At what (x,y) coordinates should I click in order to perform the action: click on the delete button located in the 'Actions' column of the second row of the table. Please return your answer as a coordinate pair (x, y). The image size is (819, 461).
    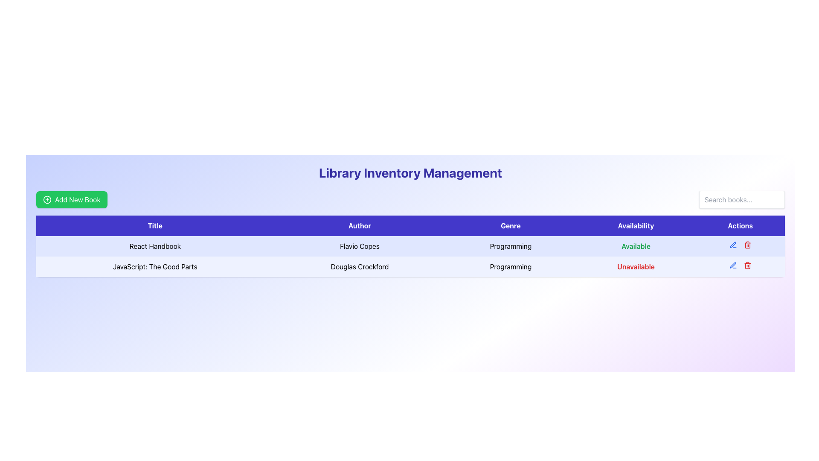
    Looking at the image, I should click on (747, 265).